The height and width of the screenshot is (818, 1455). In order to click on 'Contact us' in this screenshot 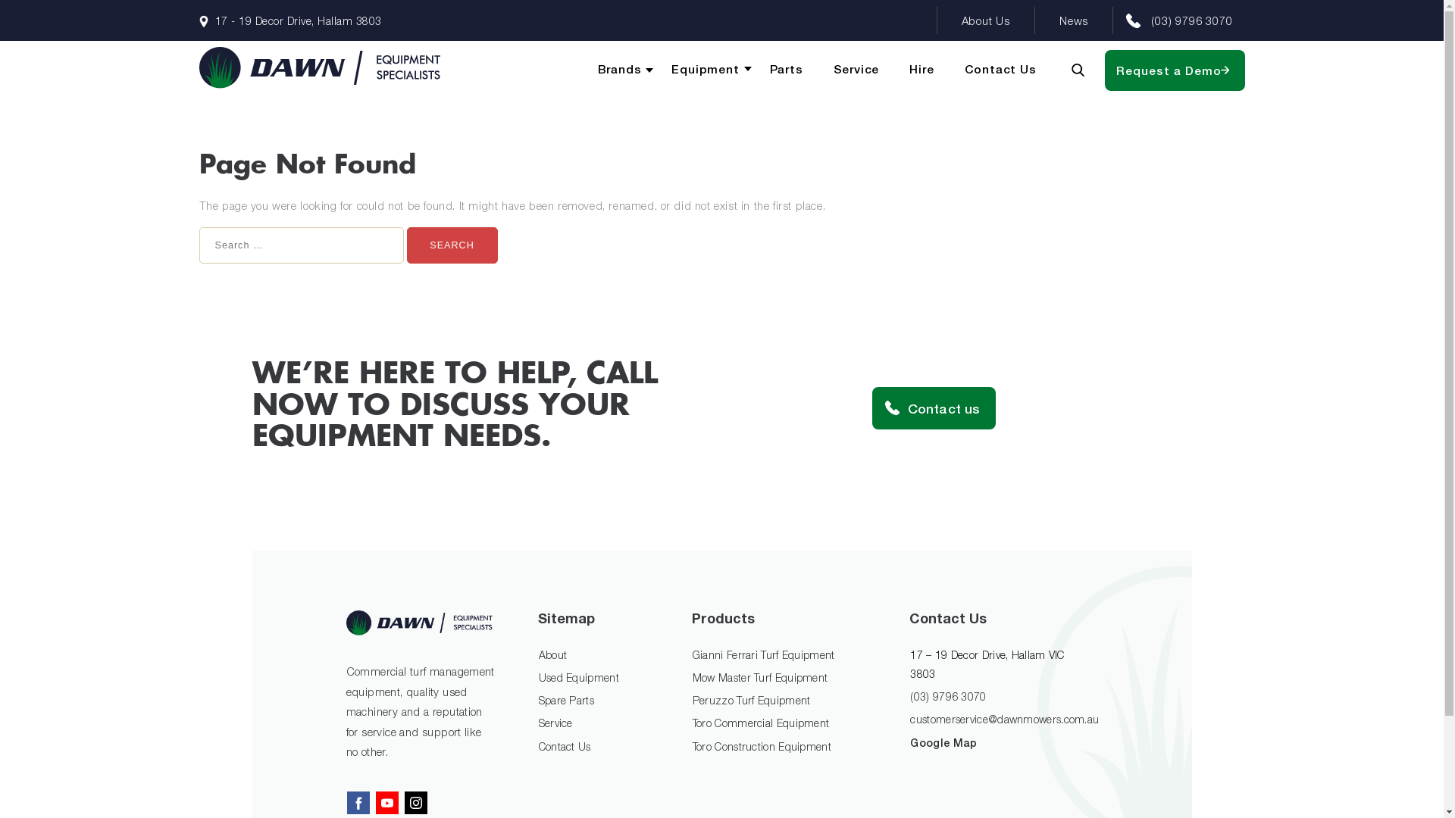, I will do `click(932, 407)`.